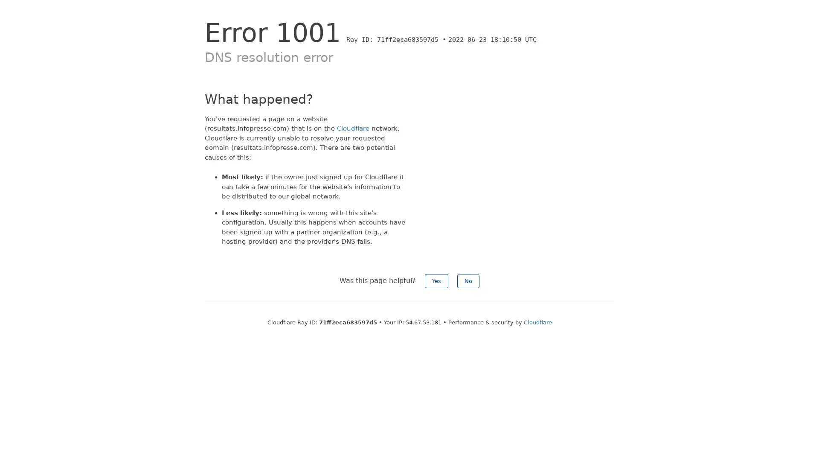 The image size is (819, 461). Describe the element at coordinates (436, 280) in the screenshot. I see `Yes` at that location.